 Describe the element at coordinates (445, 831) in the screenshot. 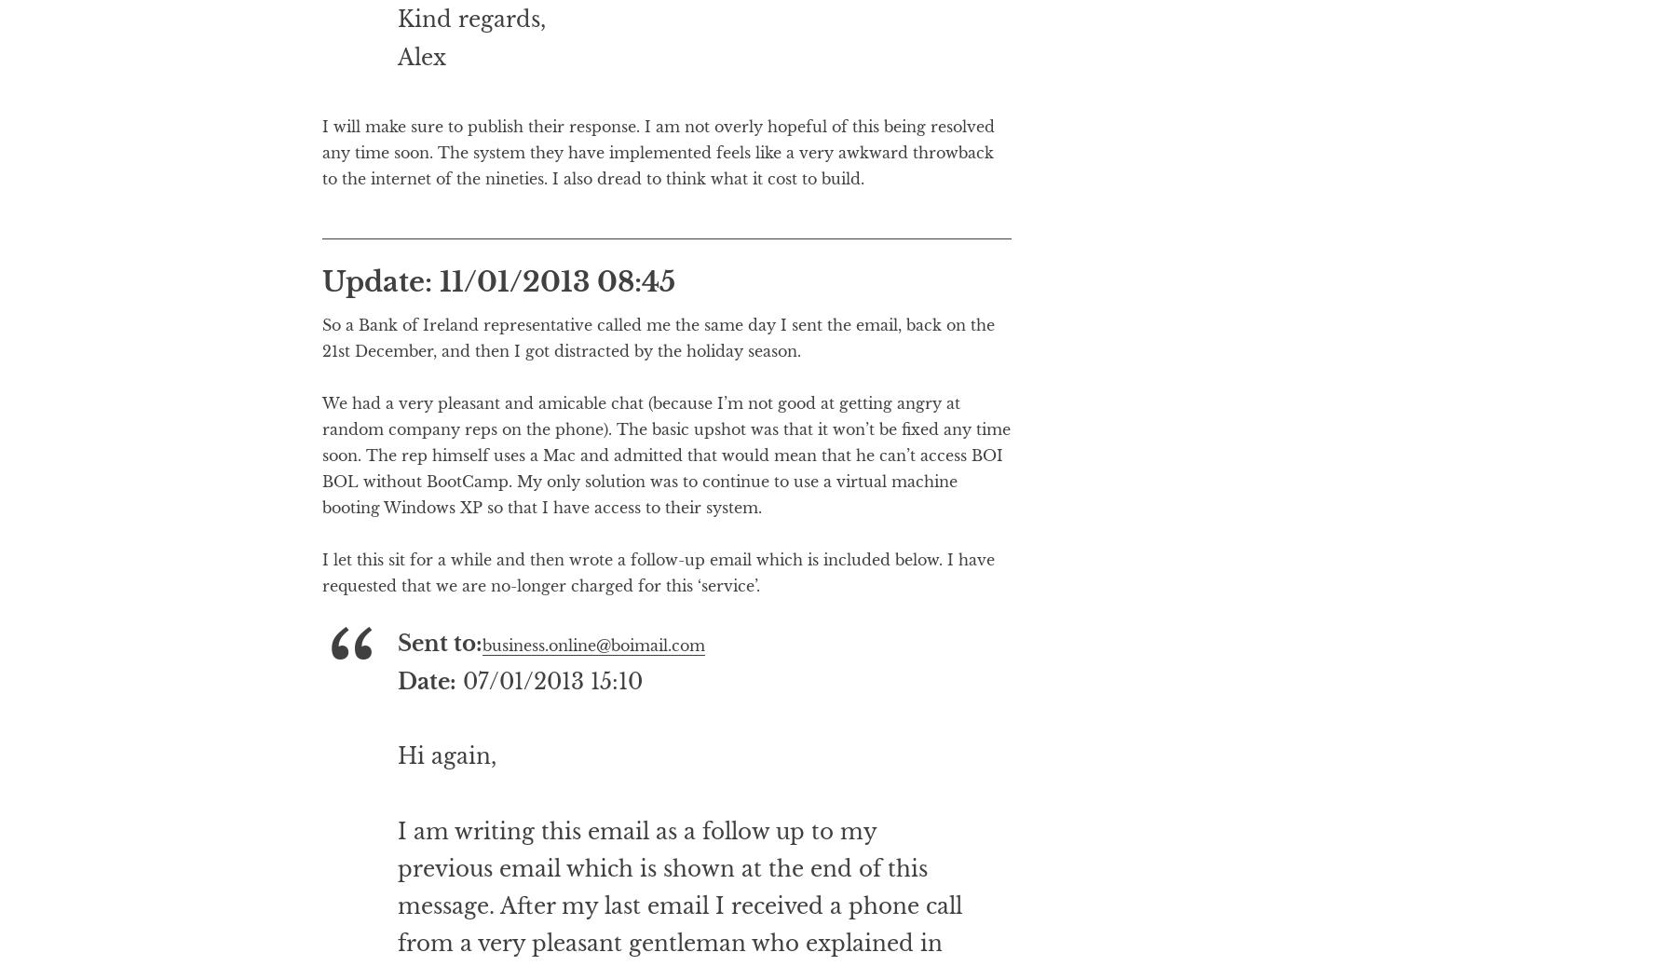

I see `'Hi again,'` at that location.